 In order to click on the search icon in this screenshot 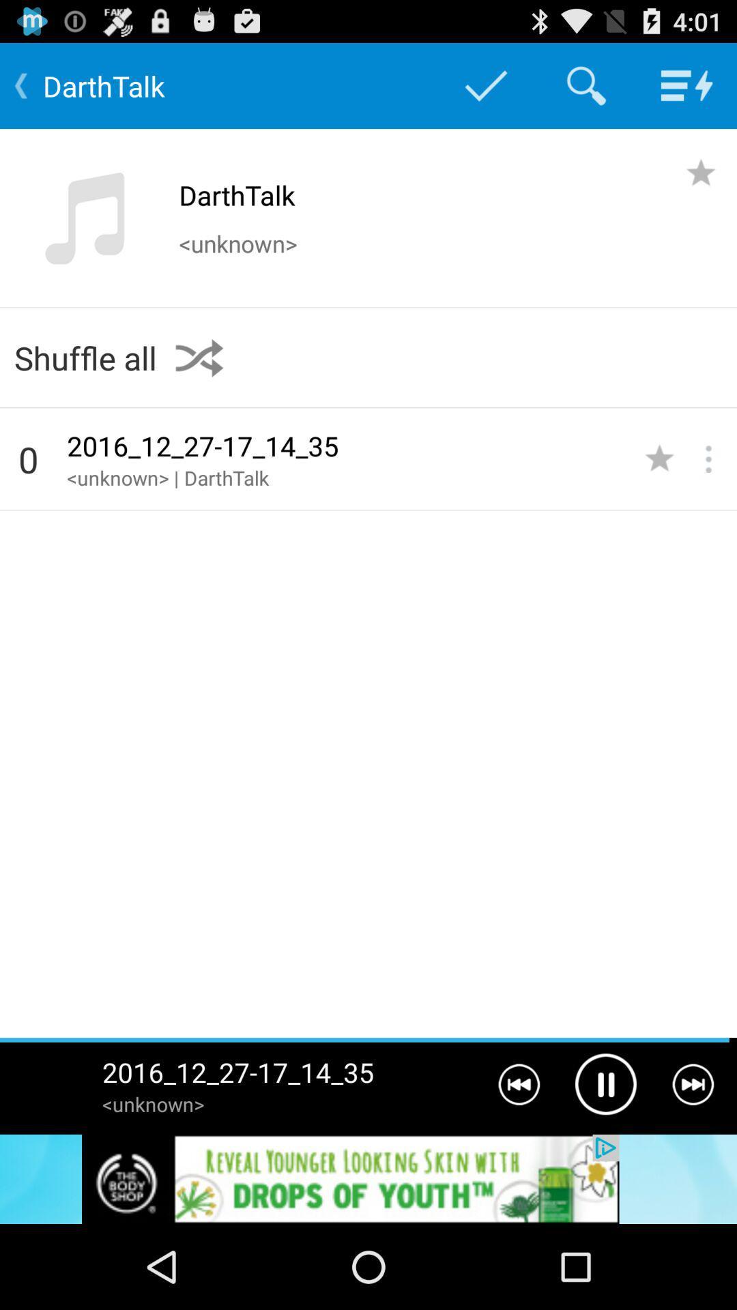, I will do `click(586, 91)`.